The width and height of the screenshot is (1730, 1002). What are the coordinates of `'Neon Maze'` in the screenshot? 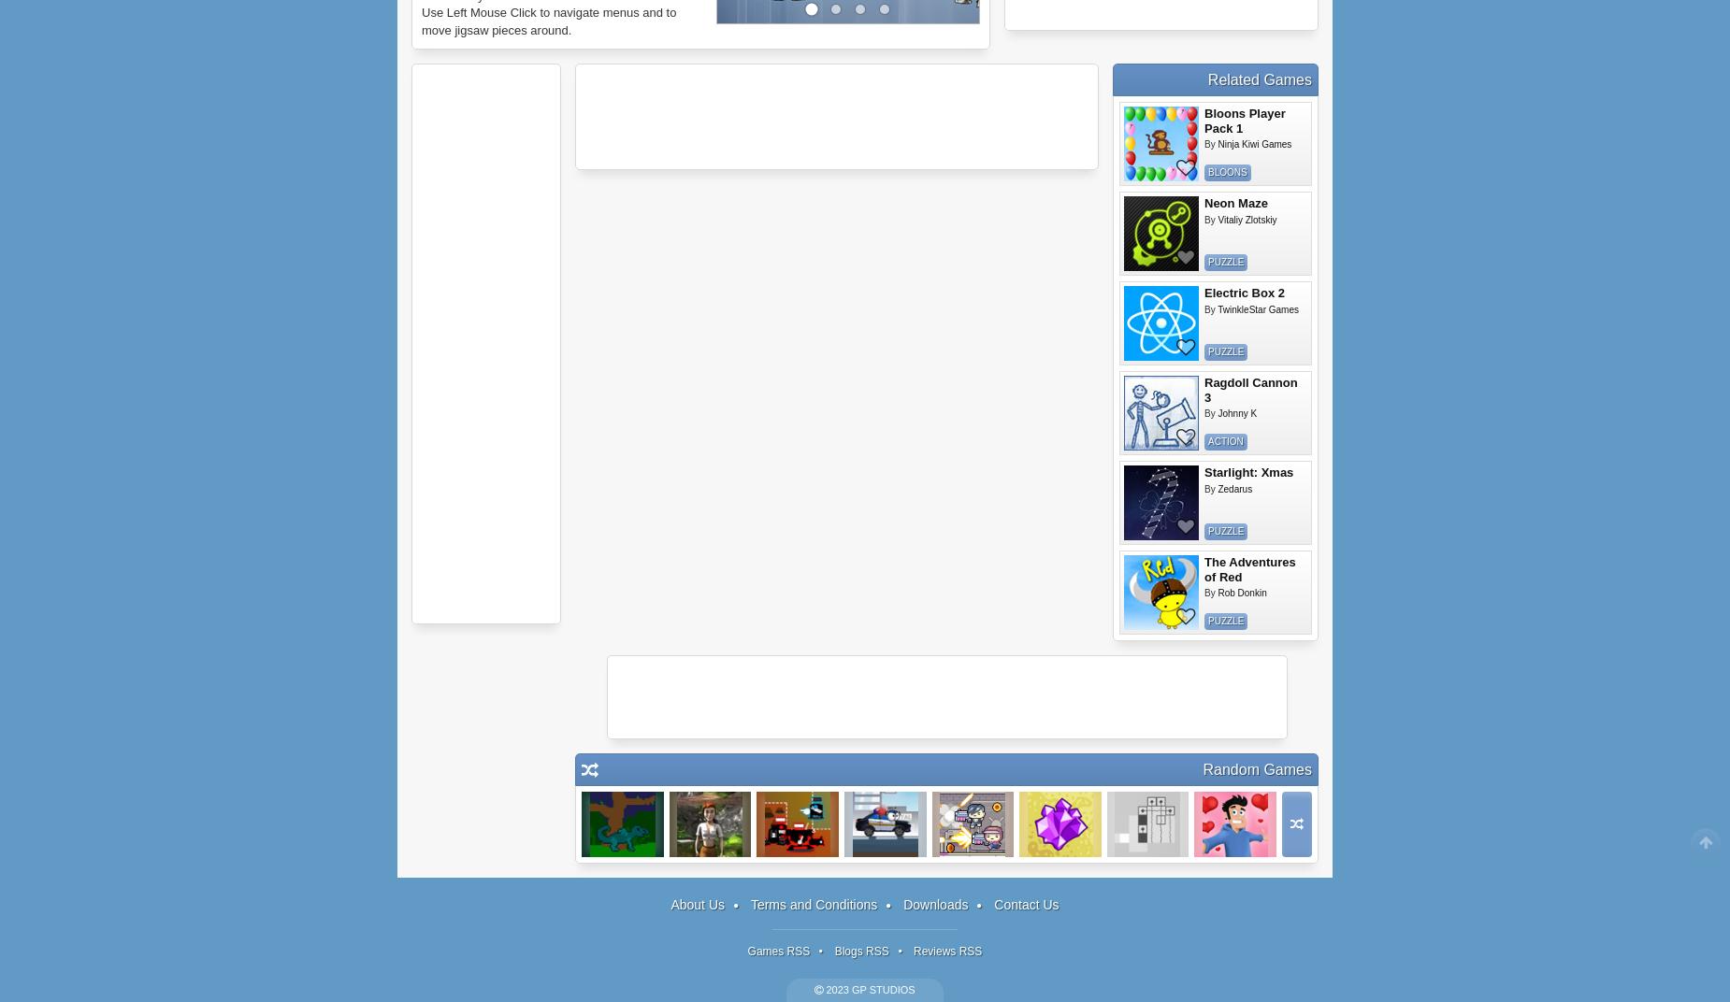 It's located at (1234, 203).